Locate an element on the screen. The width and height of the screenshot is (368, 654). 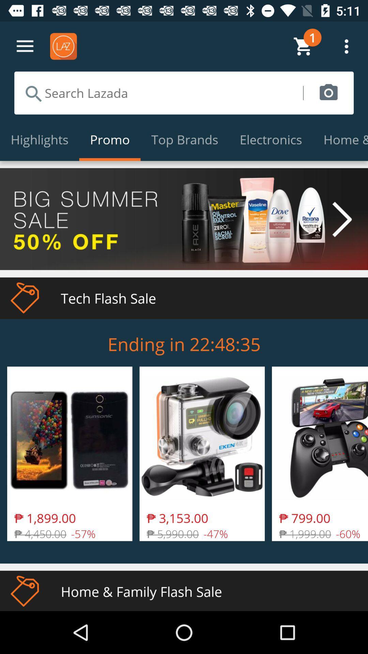
icon above tech flash sale icon is located at coordinates (184, 219).